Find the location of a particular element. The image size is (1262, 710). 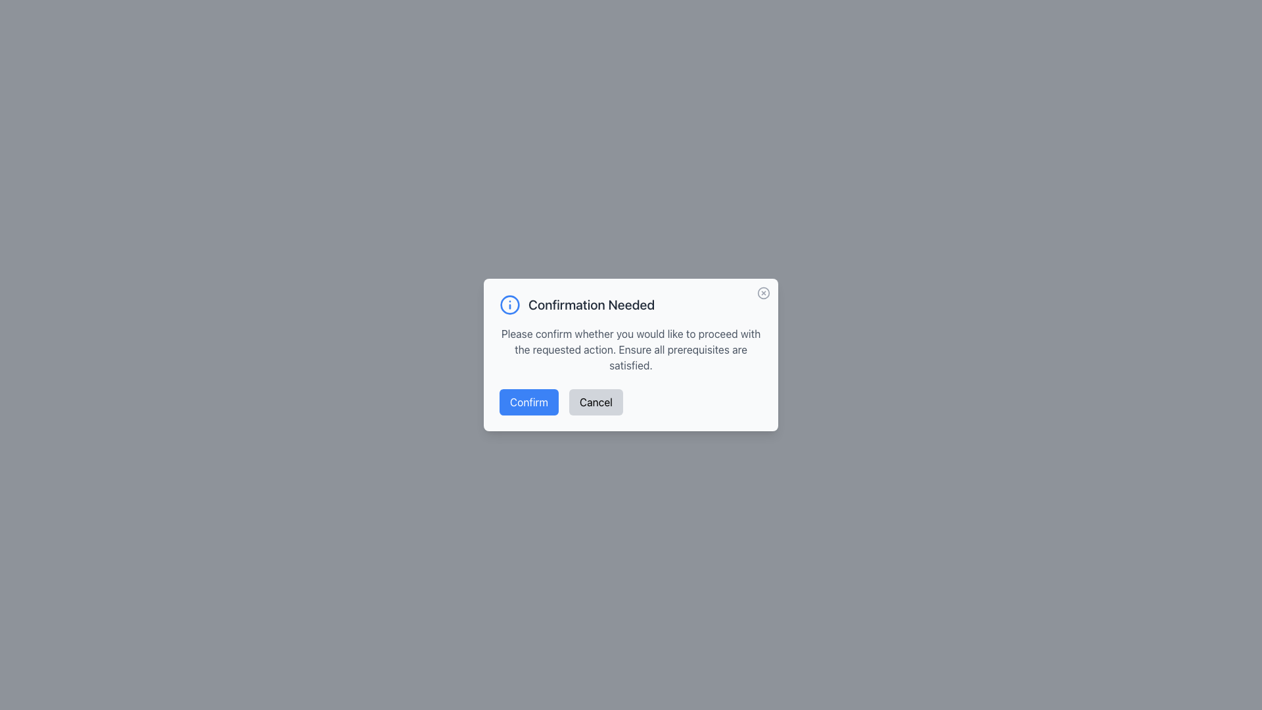

text displayed in the text label that says 'Confirmation Needed', which is styled with a medium-heavy font weight and positioned at the top center of the dialog box is located at coordinates (591, 304).